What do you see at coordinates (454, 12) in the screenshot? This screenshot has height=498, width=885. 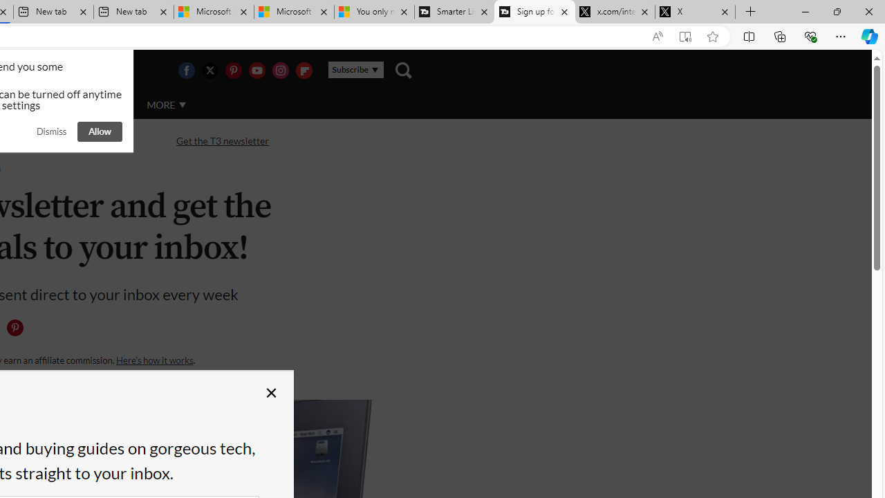 I see `'Smarter Living | T3'` at bounding box center [454, 12].